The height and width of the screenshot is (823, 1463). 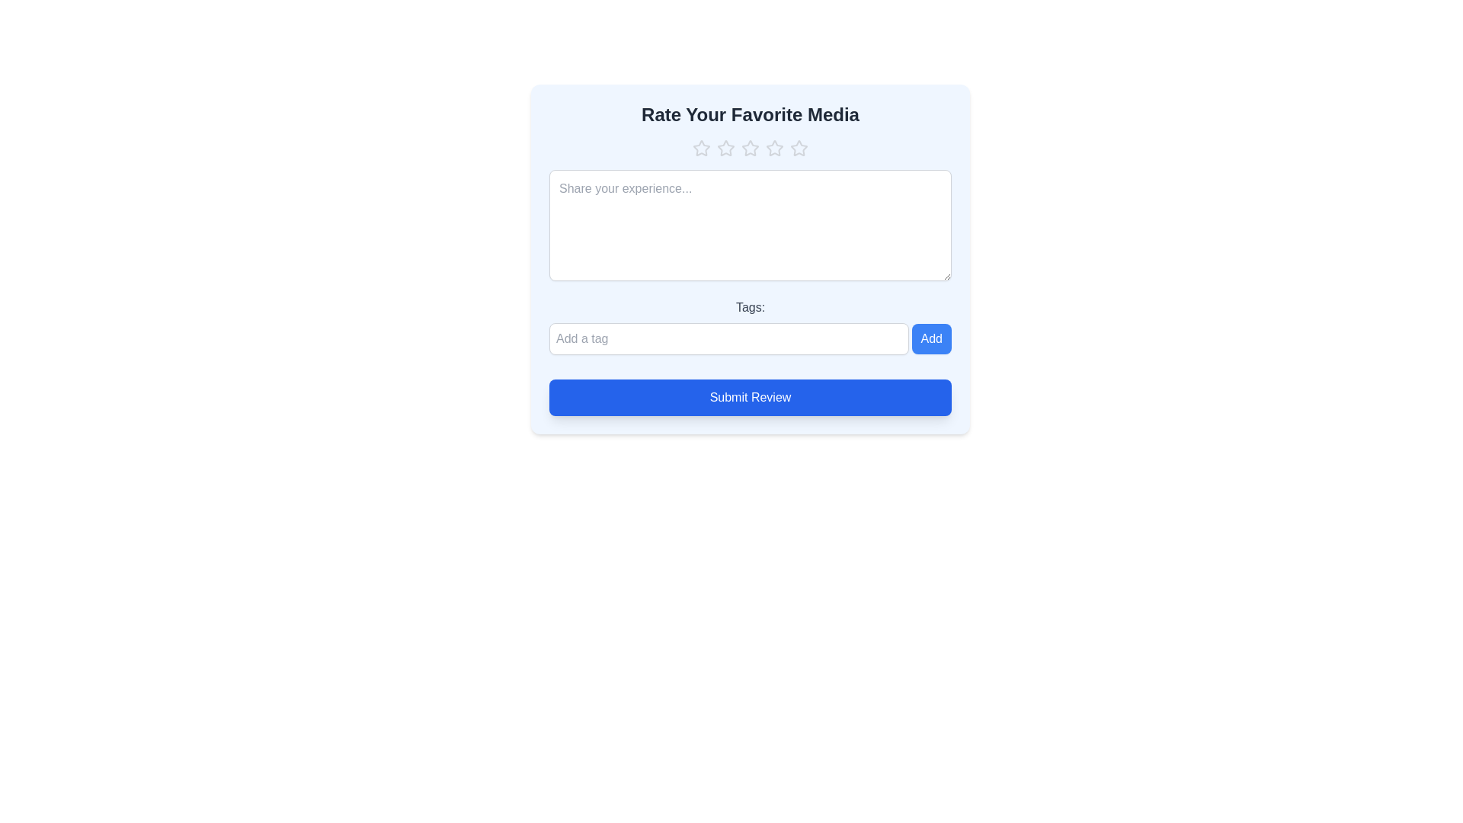 What do you see at coordinates (750, 149) in the screenshot?
I see `the third star-shaped icon from the left, which is styled in light gray` at bounding box center [750, 149].